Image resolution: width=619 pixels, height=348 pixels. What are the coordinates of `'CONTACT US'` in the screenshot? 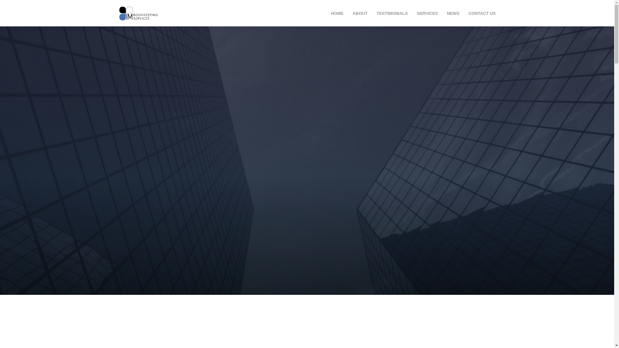 It's located at (468, 13).